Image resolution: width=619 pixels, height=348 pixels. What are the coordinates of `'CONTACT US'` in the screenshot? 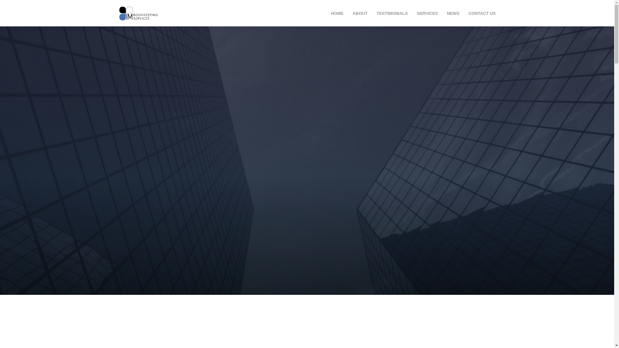 It's located at (468, 13).